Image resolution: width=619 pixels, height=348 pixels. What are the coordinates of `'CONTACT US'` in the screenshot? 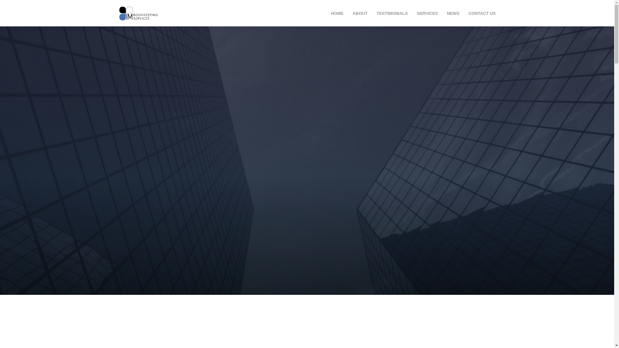 It's located at (468, 13).